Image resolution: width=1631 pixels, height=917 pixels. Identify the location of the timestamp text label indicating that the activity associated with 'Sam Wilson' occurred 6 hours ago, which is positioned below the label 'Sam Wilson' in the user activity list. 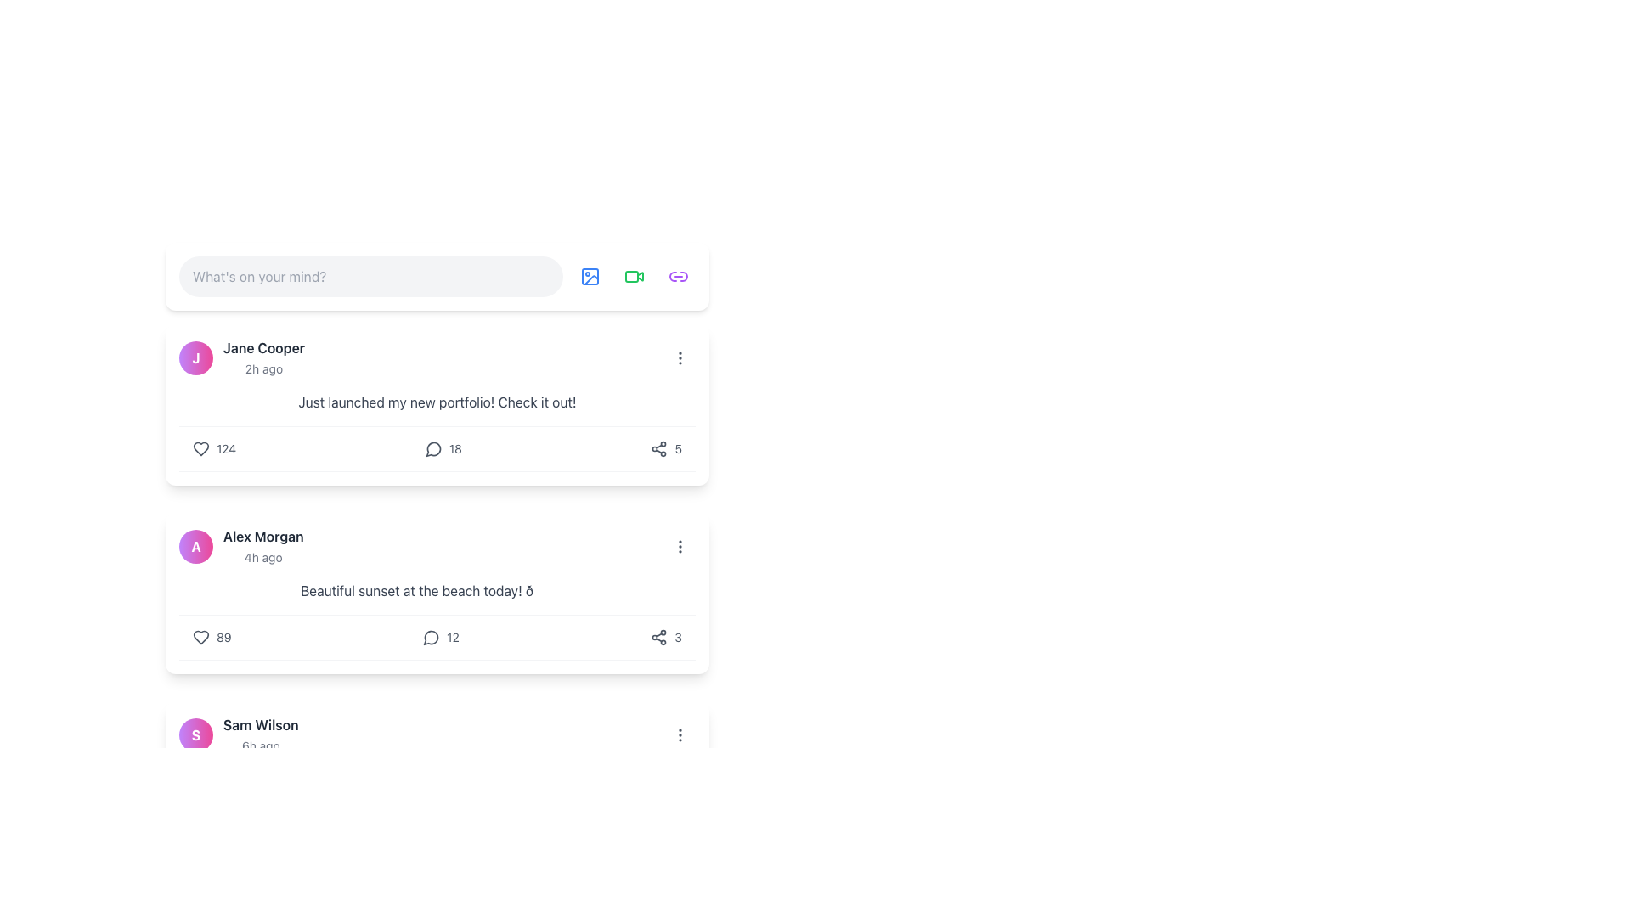
(260, 745).